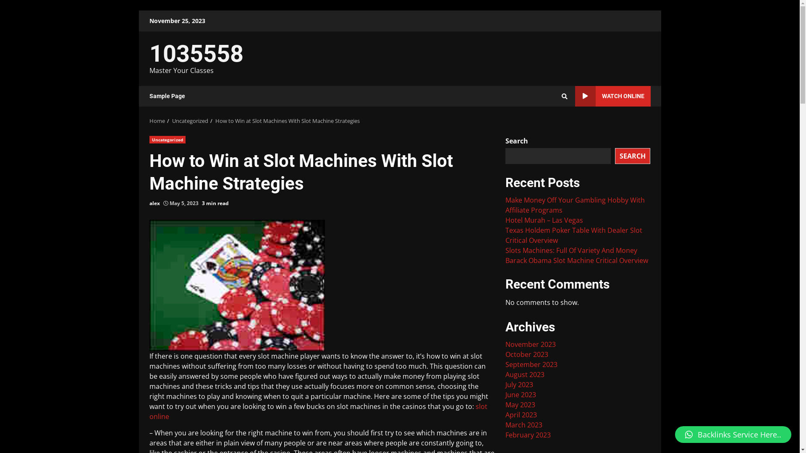 Image resolution: width=806 pixels, height=453 pixels. What do you see at coordinates (523, 425) in the screenshot?
I see `'March 2023'` at bounding box center [523, 425].